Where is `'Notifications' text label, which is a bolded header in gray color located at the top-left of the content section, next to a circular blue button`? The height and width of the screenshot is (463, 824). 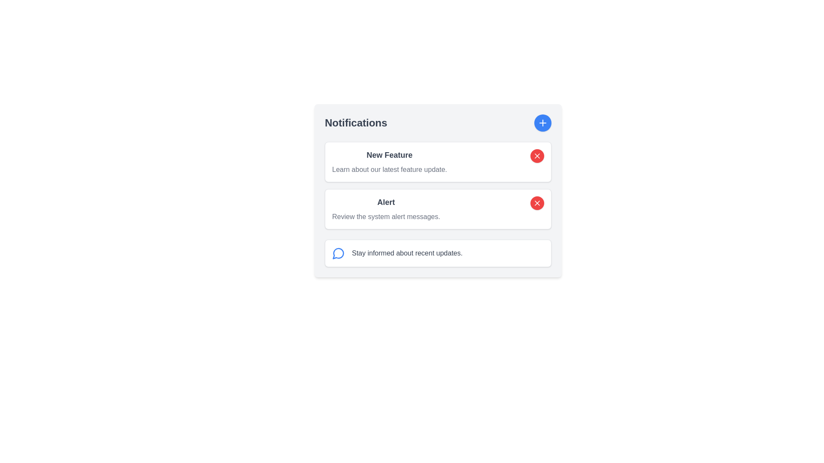
'Notifications' text label, which is a bolded header in gray color located at the top-left of the content section, next to a circular blue button is located at coordinates (356, 123).